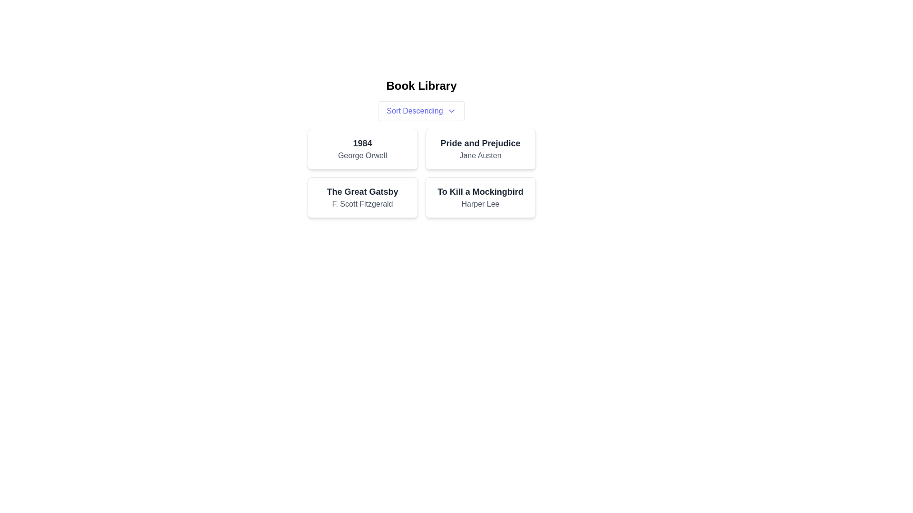 This screenshot has height=513, width=913. I want to click on the display card showing the title and author of a book, located in the bottom-left quadrant of a two-by-two grid, specifically the third card in the layout, so click(362, 197).